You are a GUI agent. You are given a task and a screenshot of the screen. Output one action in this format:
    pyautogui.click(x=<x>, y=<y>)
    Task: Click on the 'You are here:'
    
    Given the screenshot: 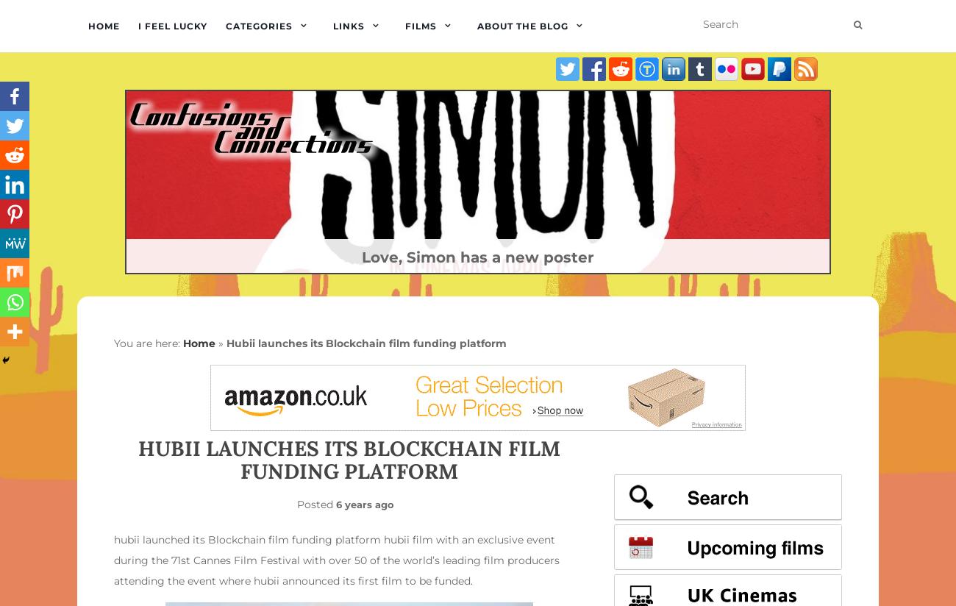 What is the action you would take?
    pyautogui.click(x=149, y=343)
    